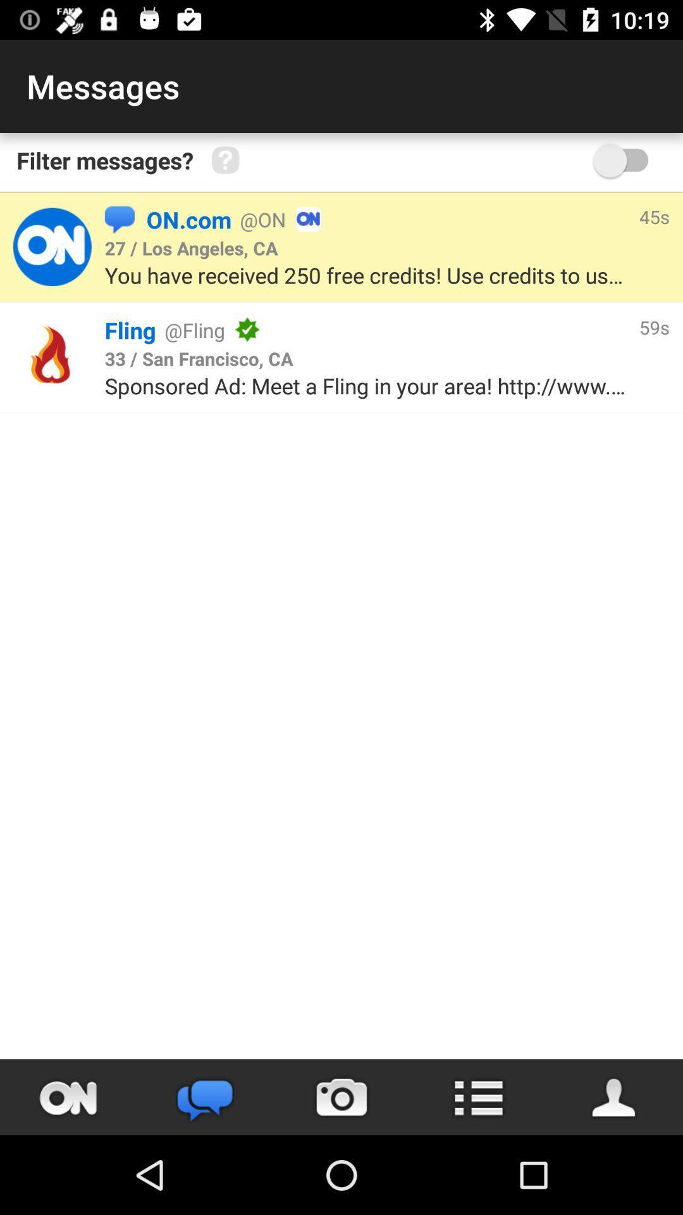 The width and height of the screenshot is (683, 1215). Describe the element at coordinates (442, 330) in the screenshot. I see `item above the 33 san francisco item` at that location.